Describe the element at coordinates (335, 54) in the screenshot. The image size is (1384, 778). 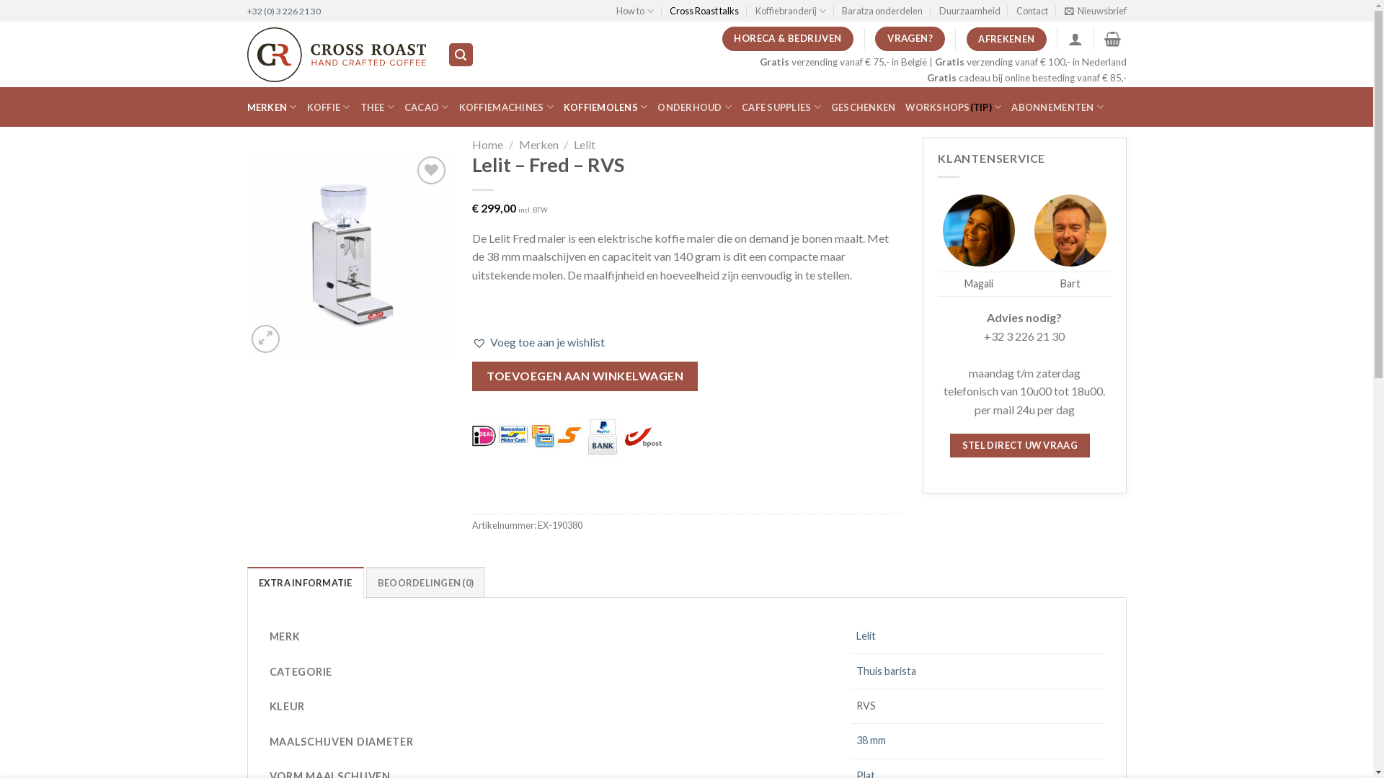
I see `'Cross Roast - Hand Crafted Coffee'` at that location.